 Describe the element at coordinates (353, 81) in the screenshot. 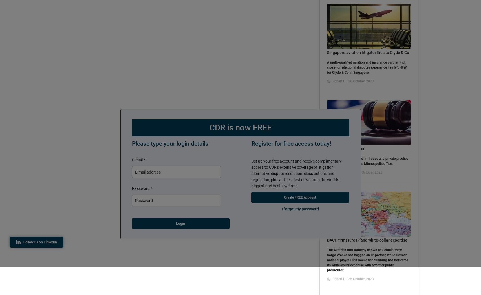

I see `'Robert Li | 26 October, 2023'` at that location.